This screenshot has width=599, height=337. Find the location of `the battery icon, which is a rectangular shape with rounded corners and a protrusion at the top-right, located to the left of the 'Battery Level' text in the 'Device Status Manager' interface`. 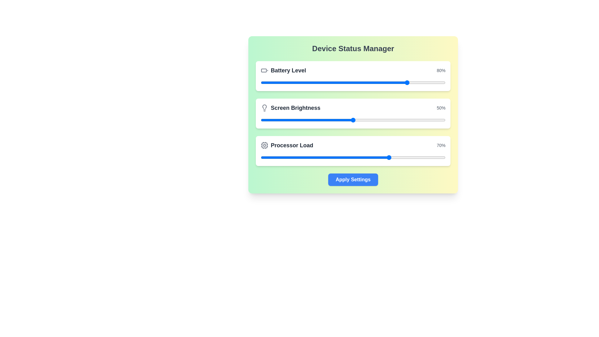

the battery icon, which is a rectangular shape with rounded corners and a protrusion at the top-right, located to the left of the 'Battery Level' text in the 'Device Status Manager' interface is located at coordinates (265, 70).